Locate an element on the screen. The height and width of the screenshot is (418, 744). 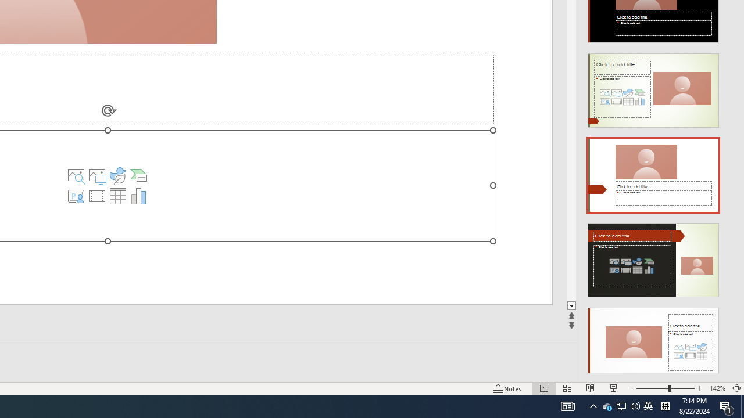
'Insert a SmartArt Graphic' is located at coordinates (138, 175).